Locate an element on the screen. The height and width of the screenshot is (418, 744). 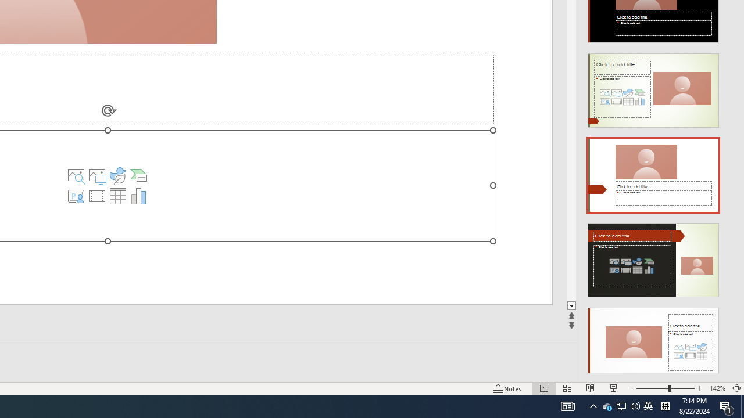
'Insert a SmartArt Graphic' is located at coordinates (138, 175).